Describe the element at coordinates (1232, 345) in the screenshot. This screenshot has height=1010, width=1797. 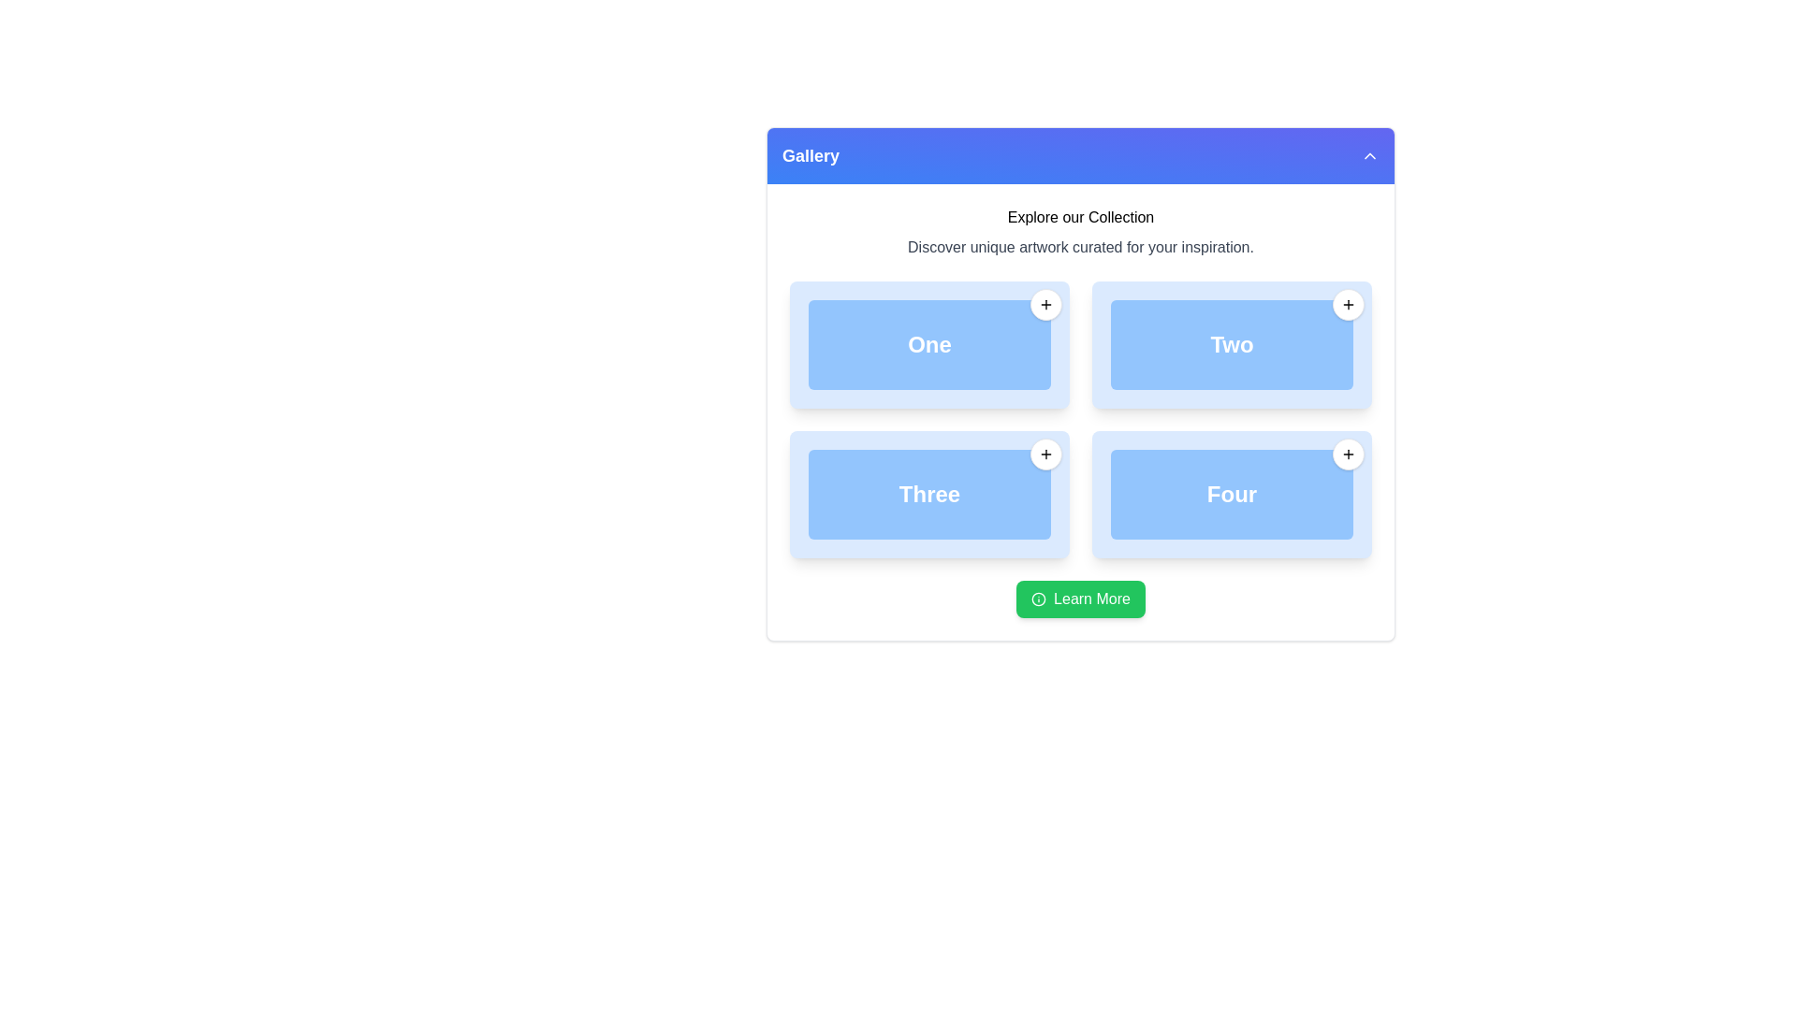
I see `the Interactive Tile labeled 'Two' with a light blue background` at that location.